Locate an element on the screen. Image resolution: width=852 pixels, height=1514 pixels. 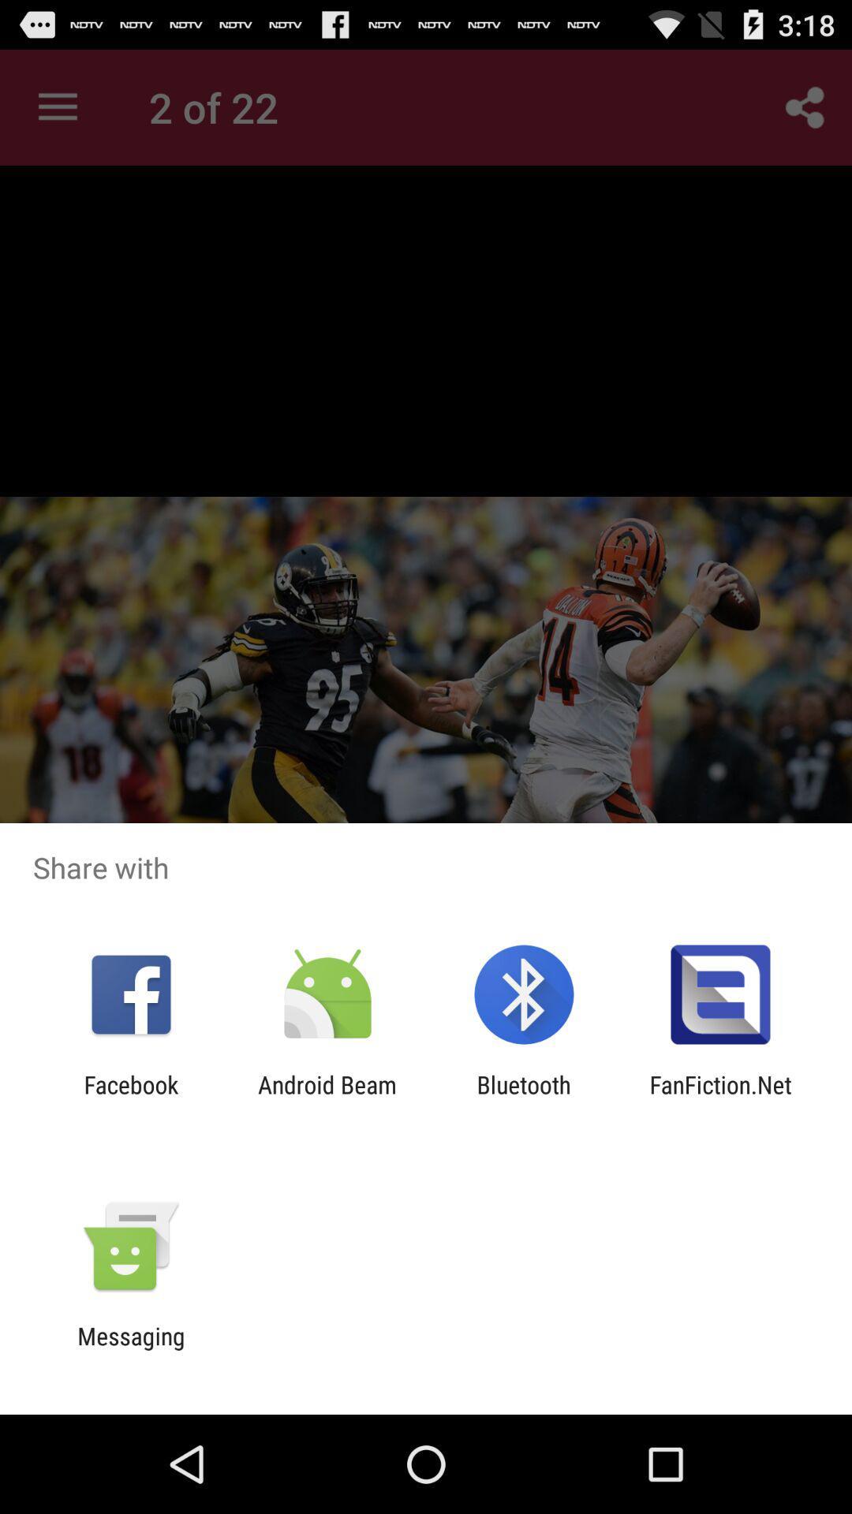
fanfiction.net item is located at coordinates (720, 1098).